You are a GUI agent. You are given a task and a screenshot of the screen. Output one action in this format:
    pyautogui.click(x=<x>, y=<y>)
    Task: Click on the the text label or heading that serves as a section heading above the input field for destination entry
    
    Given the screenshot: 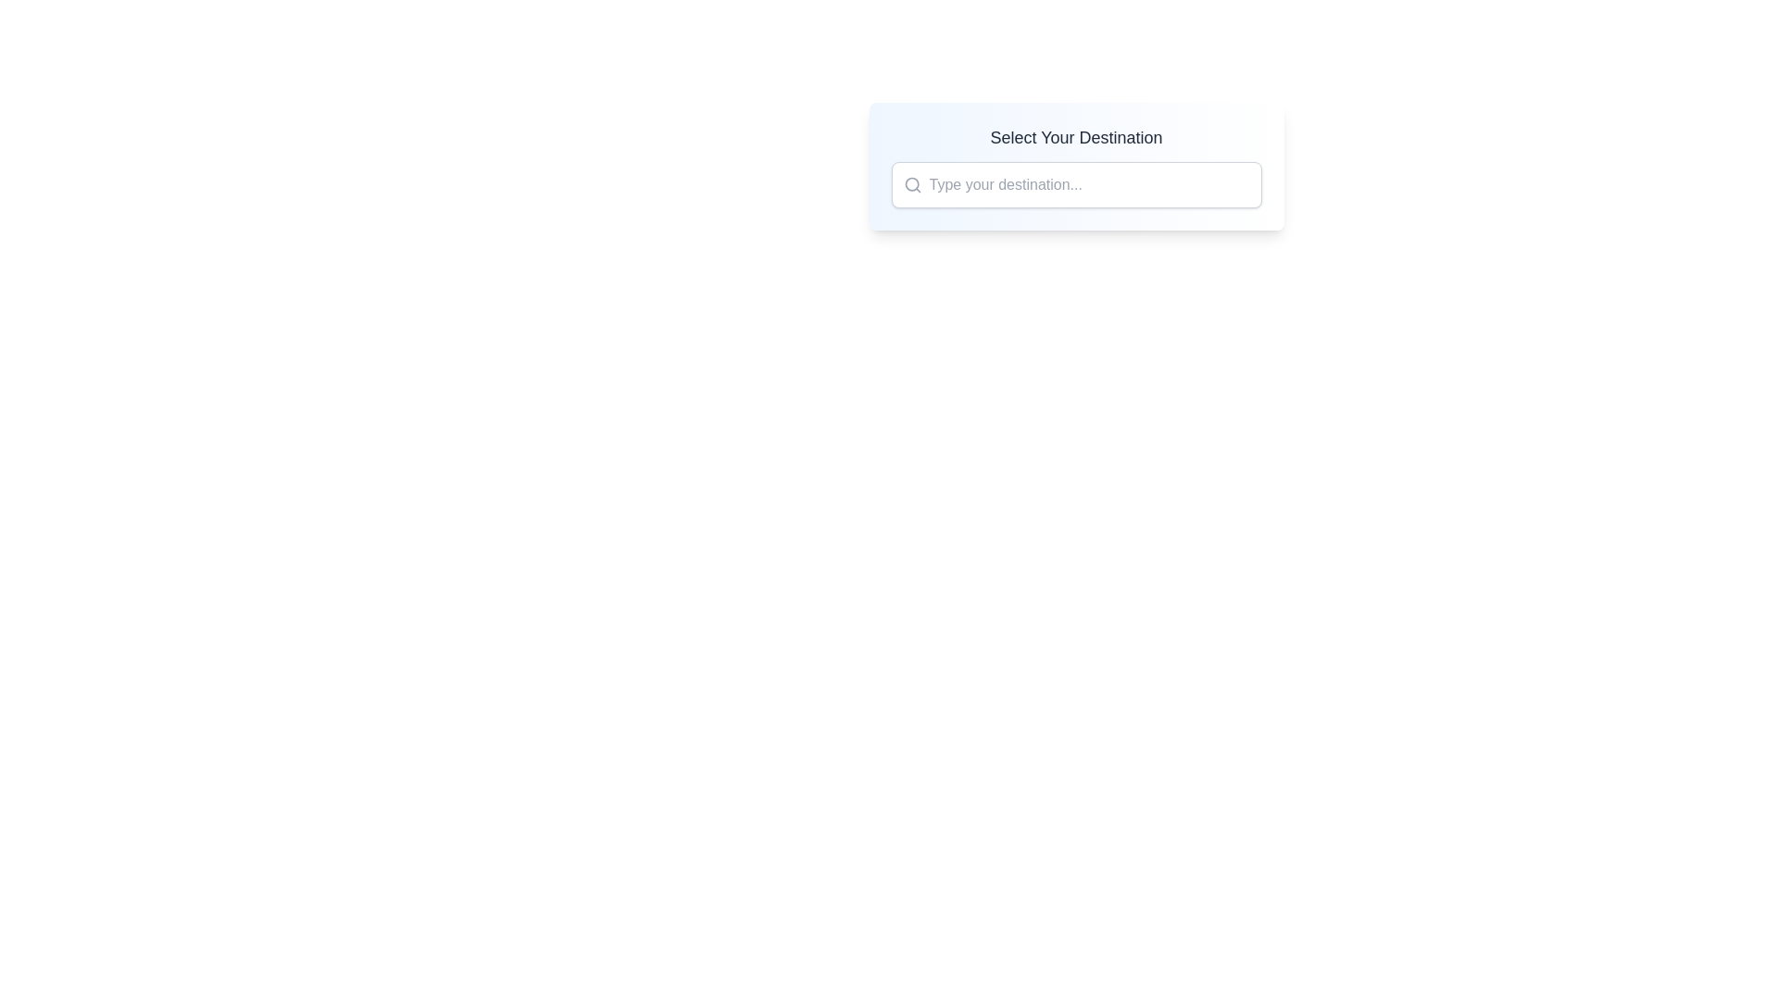 What is the action you would take?
    pyautogui.click(x=1076, y=137)
    